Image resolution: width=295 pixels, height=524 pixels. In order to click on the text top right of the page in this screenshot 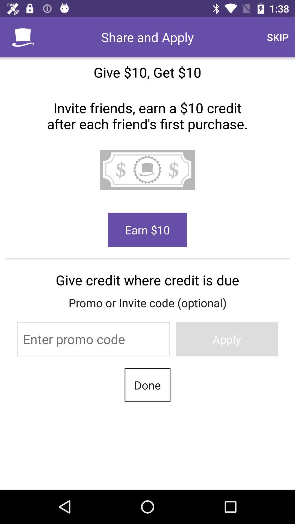, I will do `click(278, 37)`.